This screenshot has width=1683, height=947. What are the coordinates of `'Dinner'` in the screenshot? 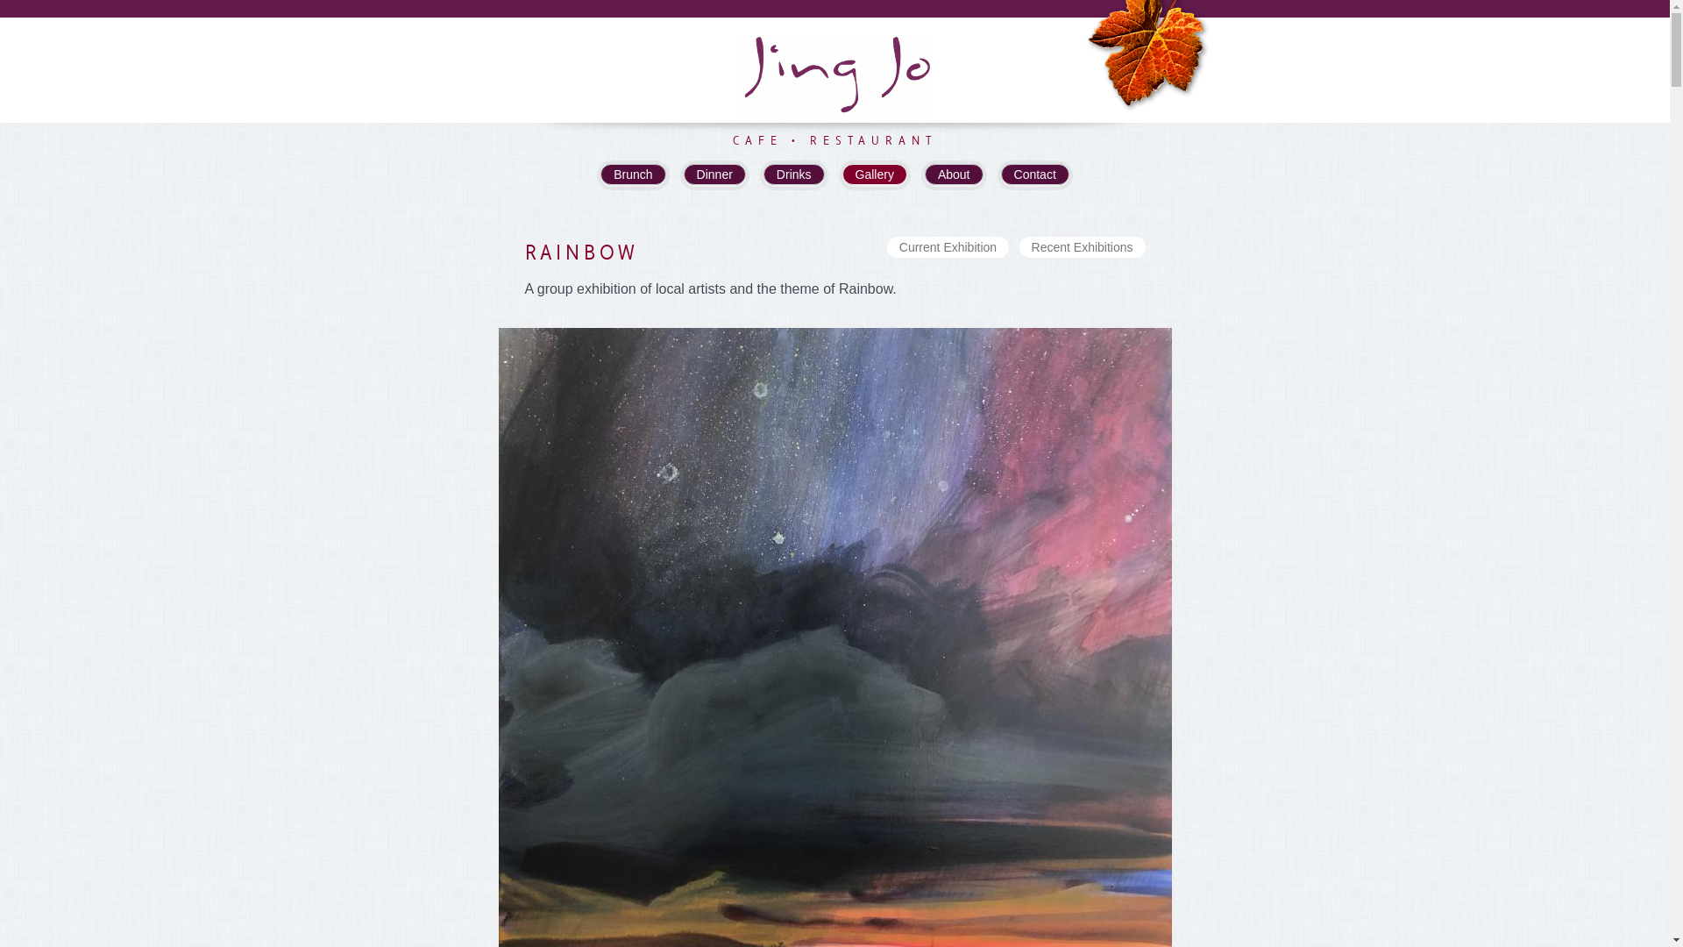 It's located at (682, 174).